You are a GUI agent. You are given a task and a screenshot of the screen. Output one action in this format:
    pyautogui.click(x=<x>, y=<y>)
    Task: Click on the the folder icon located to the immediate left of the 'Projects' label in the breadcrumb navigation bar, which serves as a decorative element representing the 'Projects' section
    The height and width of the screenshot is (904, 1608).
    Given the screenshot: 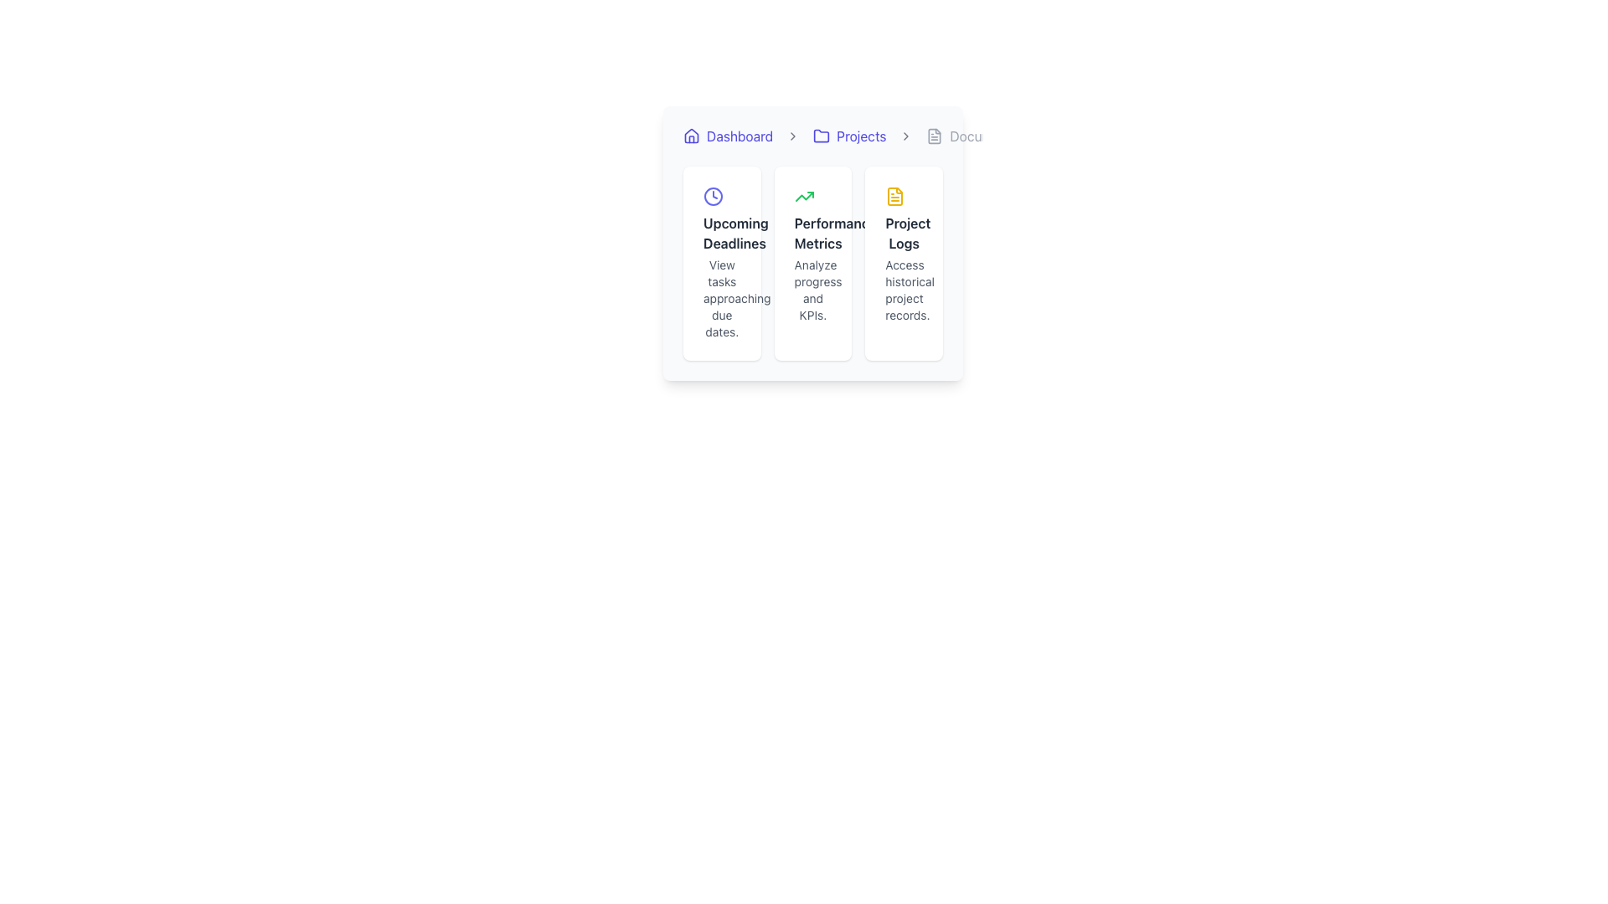 What is the action you would take?
    pyautogui.click(x=822, y=135)
    